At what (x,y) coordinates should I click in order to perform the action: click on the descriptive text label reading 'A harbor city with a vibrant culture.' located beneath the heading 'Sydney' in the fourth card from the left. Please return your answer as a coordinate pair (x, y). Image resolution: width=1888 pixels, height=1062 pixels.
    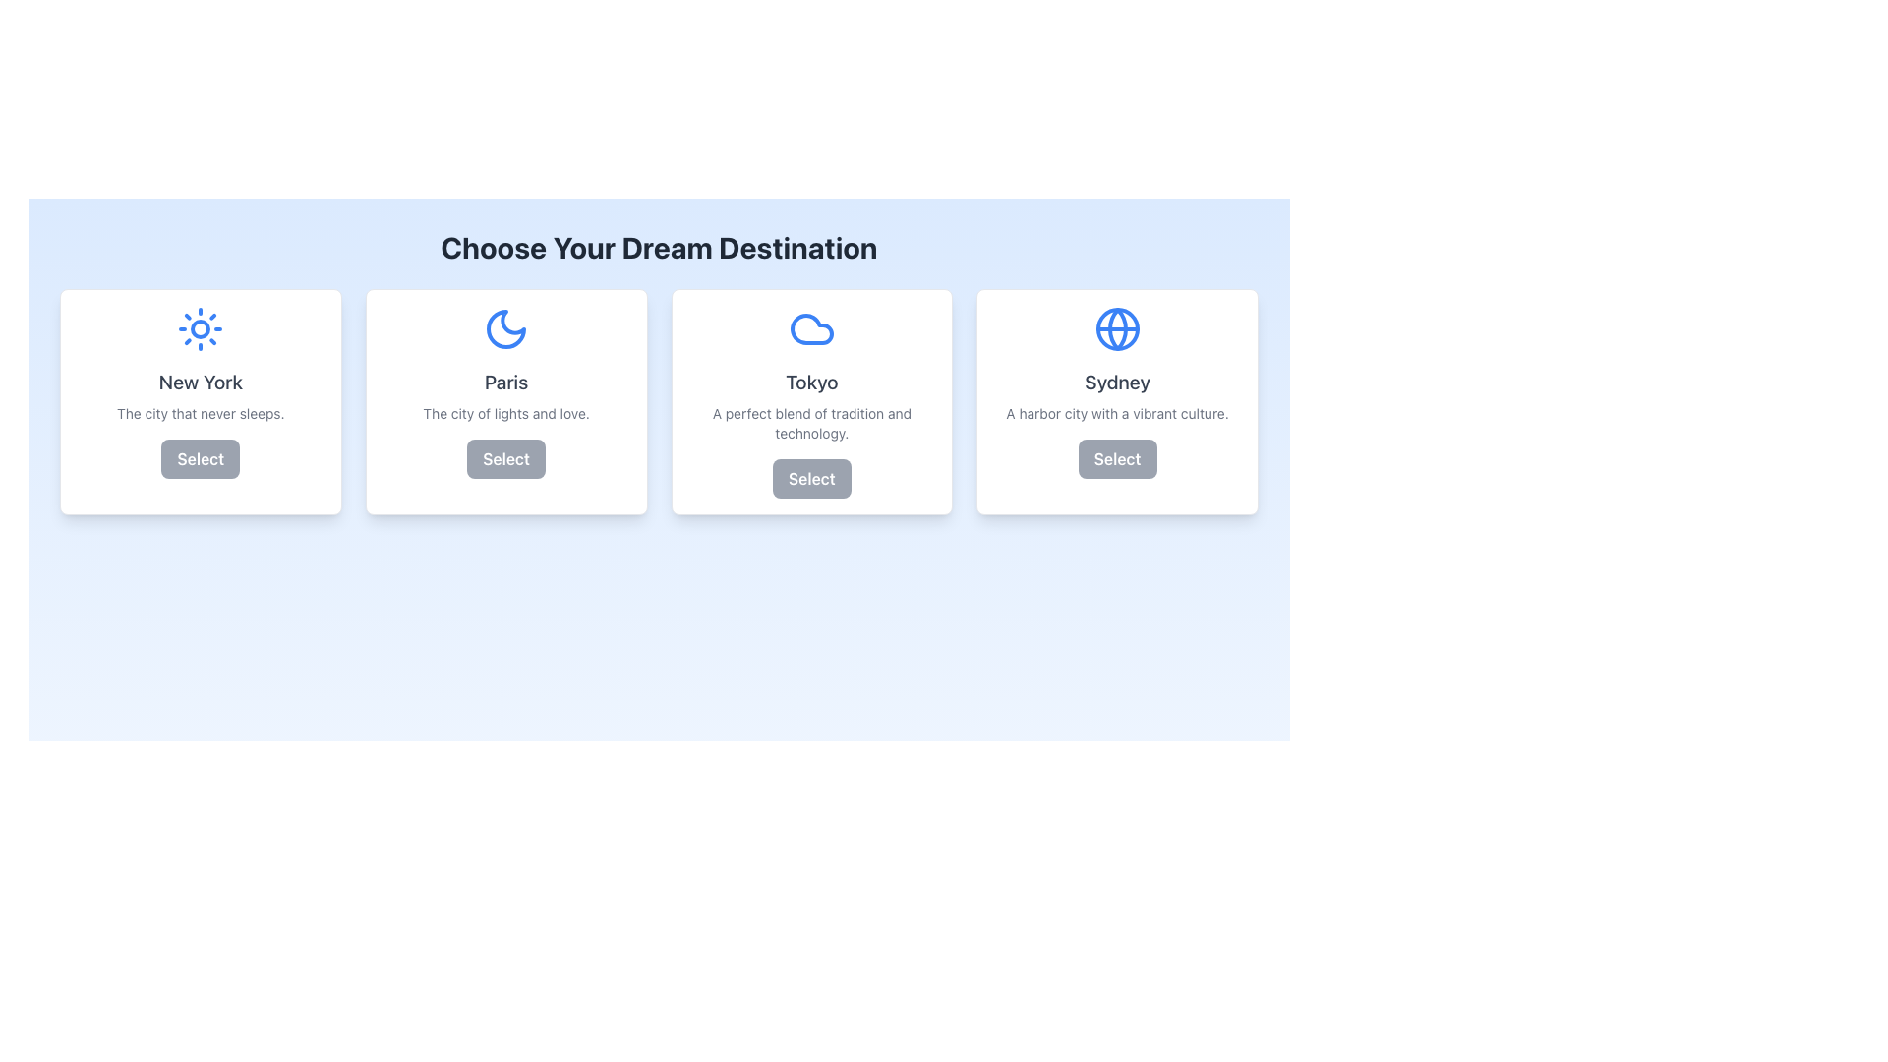
    Looking at the image, I should click on (1117, 412).